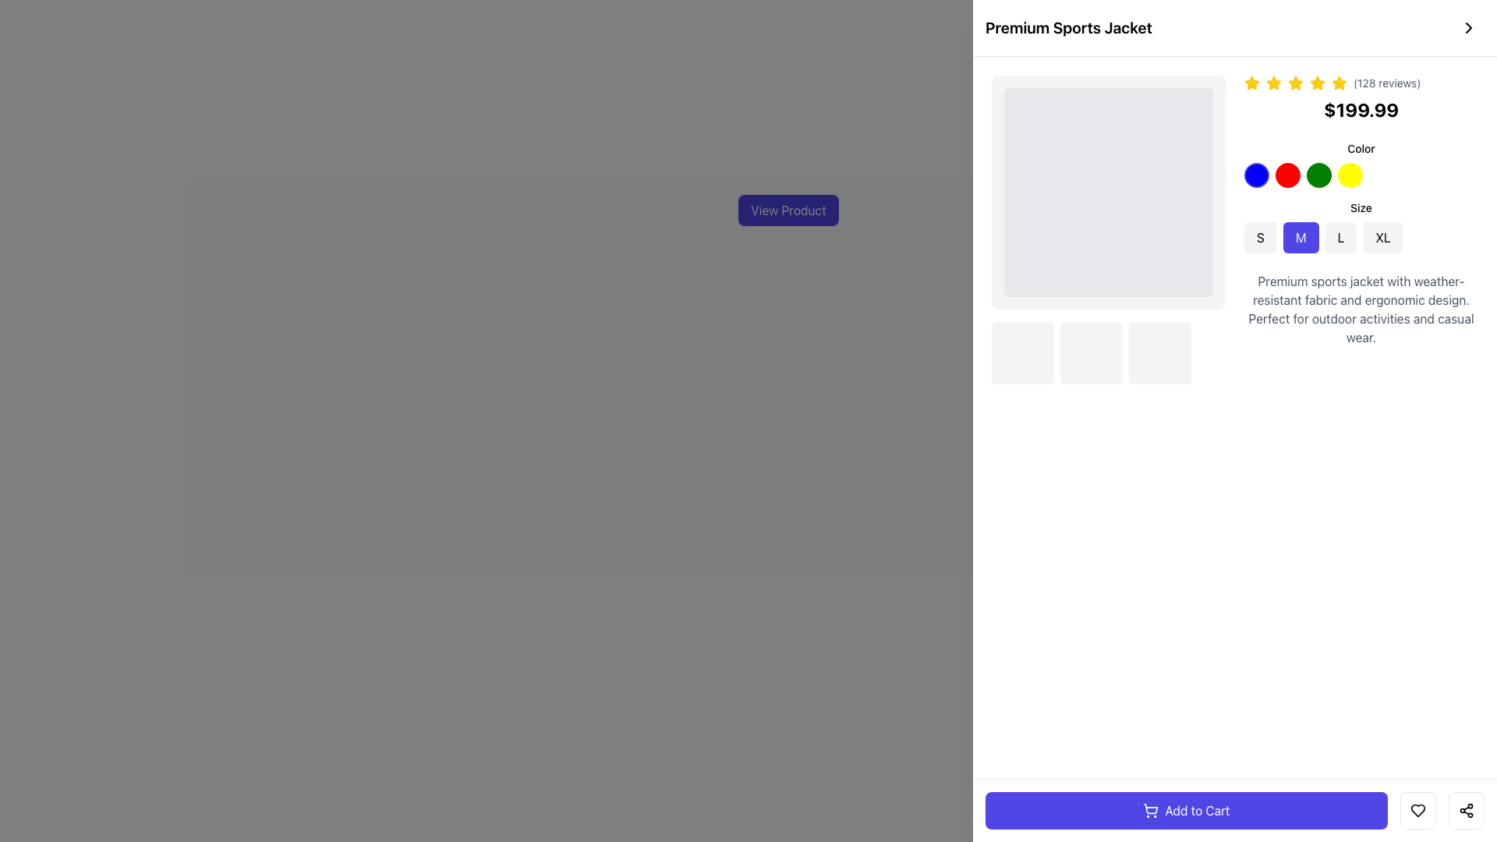  Describe the element at coordinates (1252, 83) in the screenshot. I see `the first yellow star icon indicating a rating feature, located above '(128 reviews)' next to the product title 'Premium Sports Jacket'` at that location.